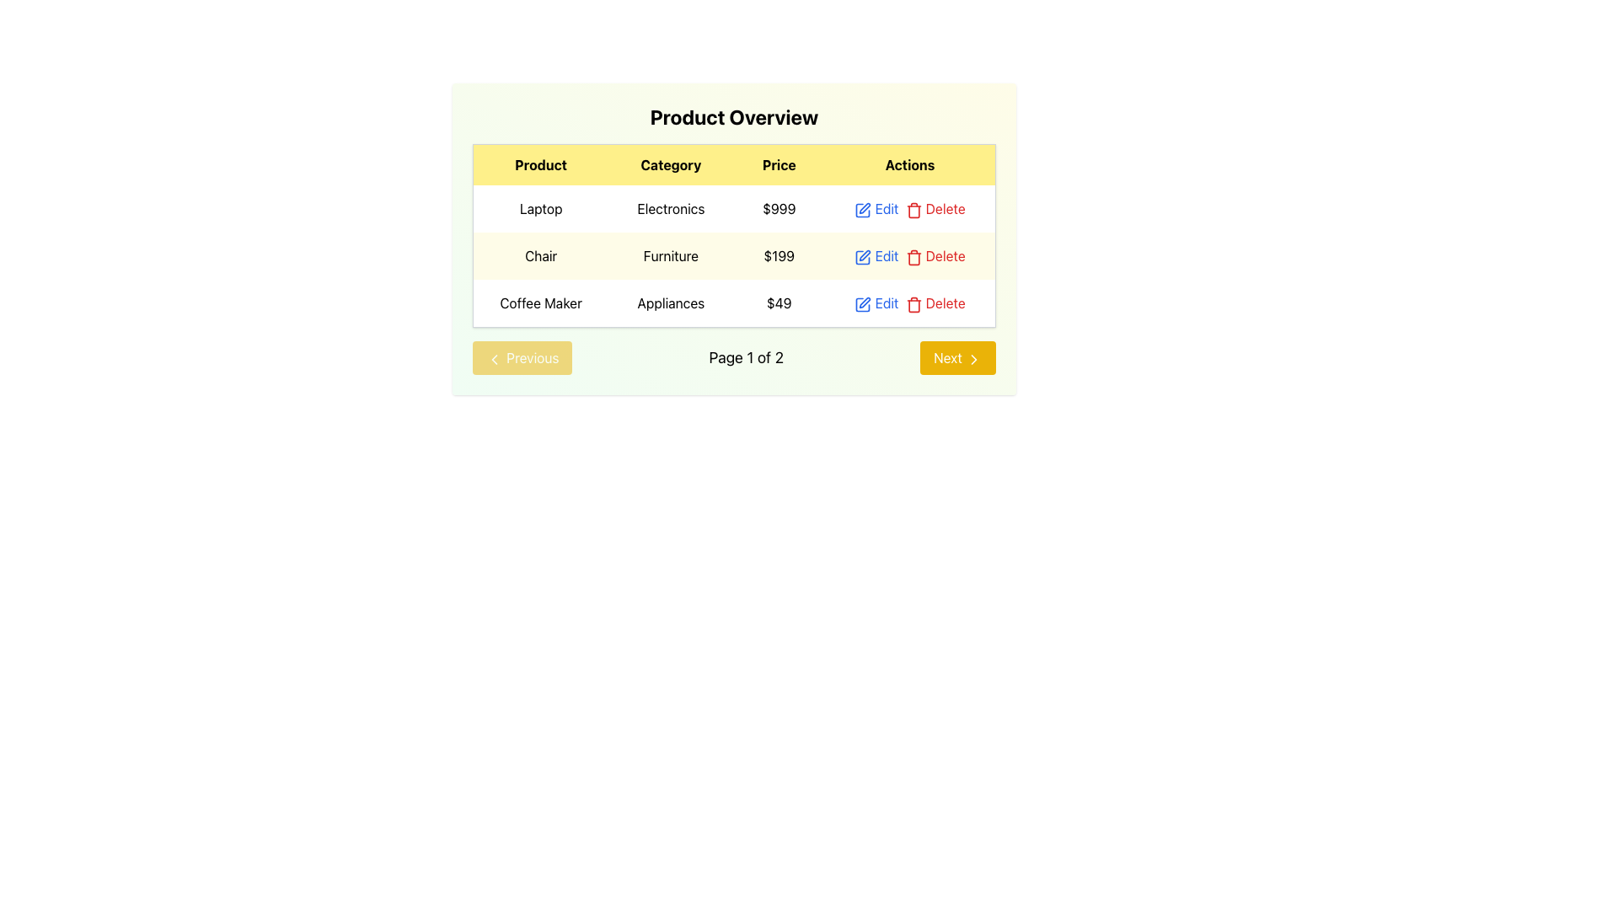 This screenshot has width=1618, height=910. I want to click on the delete link for the 'Appliances' product located in the 'Actions' column of the third row in the table to initiate the delete action, so click(934, 302).